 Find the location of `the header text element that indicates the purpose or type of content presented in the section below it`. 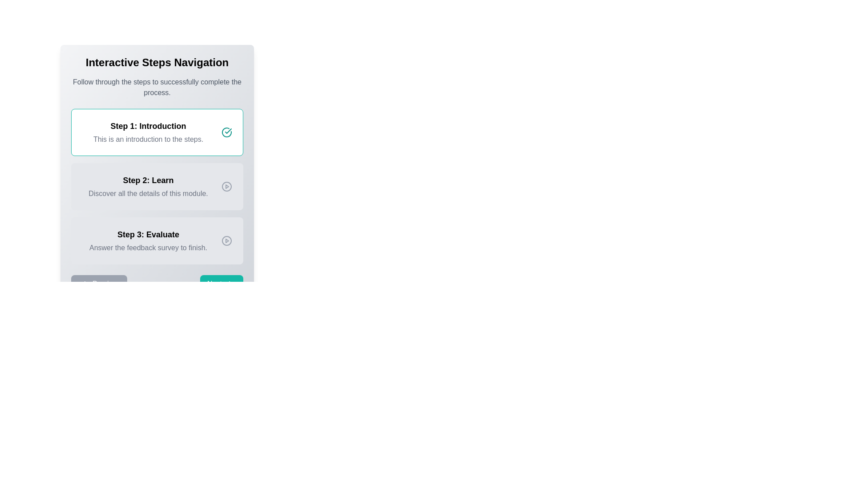

the header text element that indicates the purpose or type of content presented in the section below it is located at coordinates (157, 62).